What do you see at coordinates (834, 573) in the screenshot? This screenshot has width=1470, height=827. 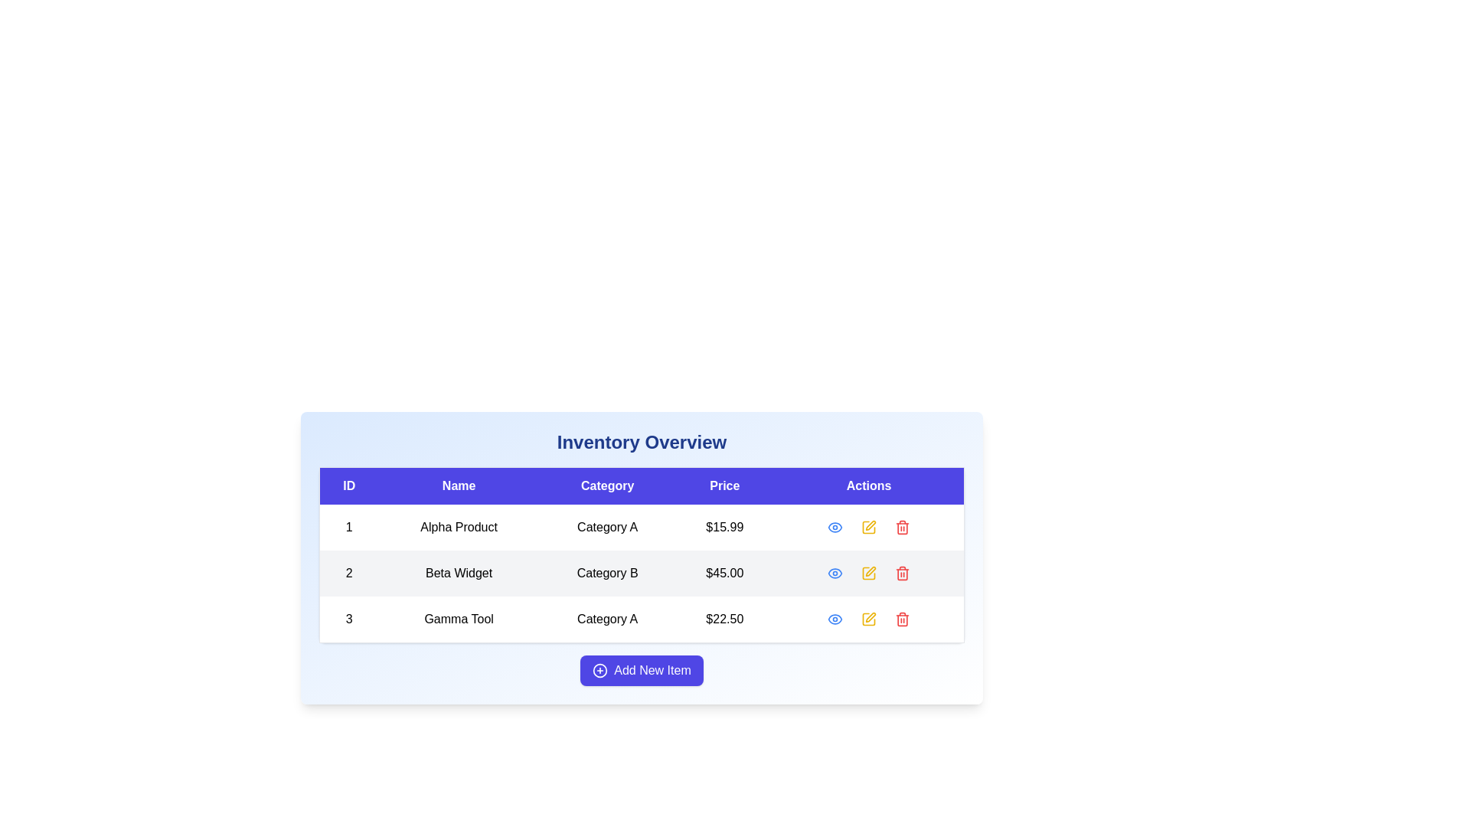 I see `the 'view' icon button located in the second row of the table under the 'Actions' column` at bounding box center [834, 573].